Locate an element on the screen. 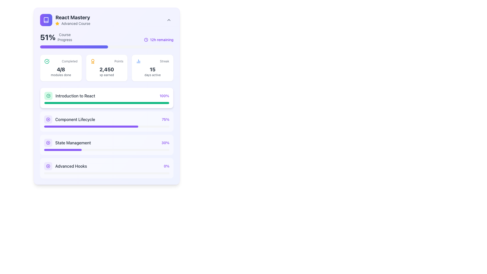 The height and width of the screenshot is (274, 487). the progress indicator component showing 'Component Lifecycle' with a filled percentage of '75%' is located at coordinates (107, 116).